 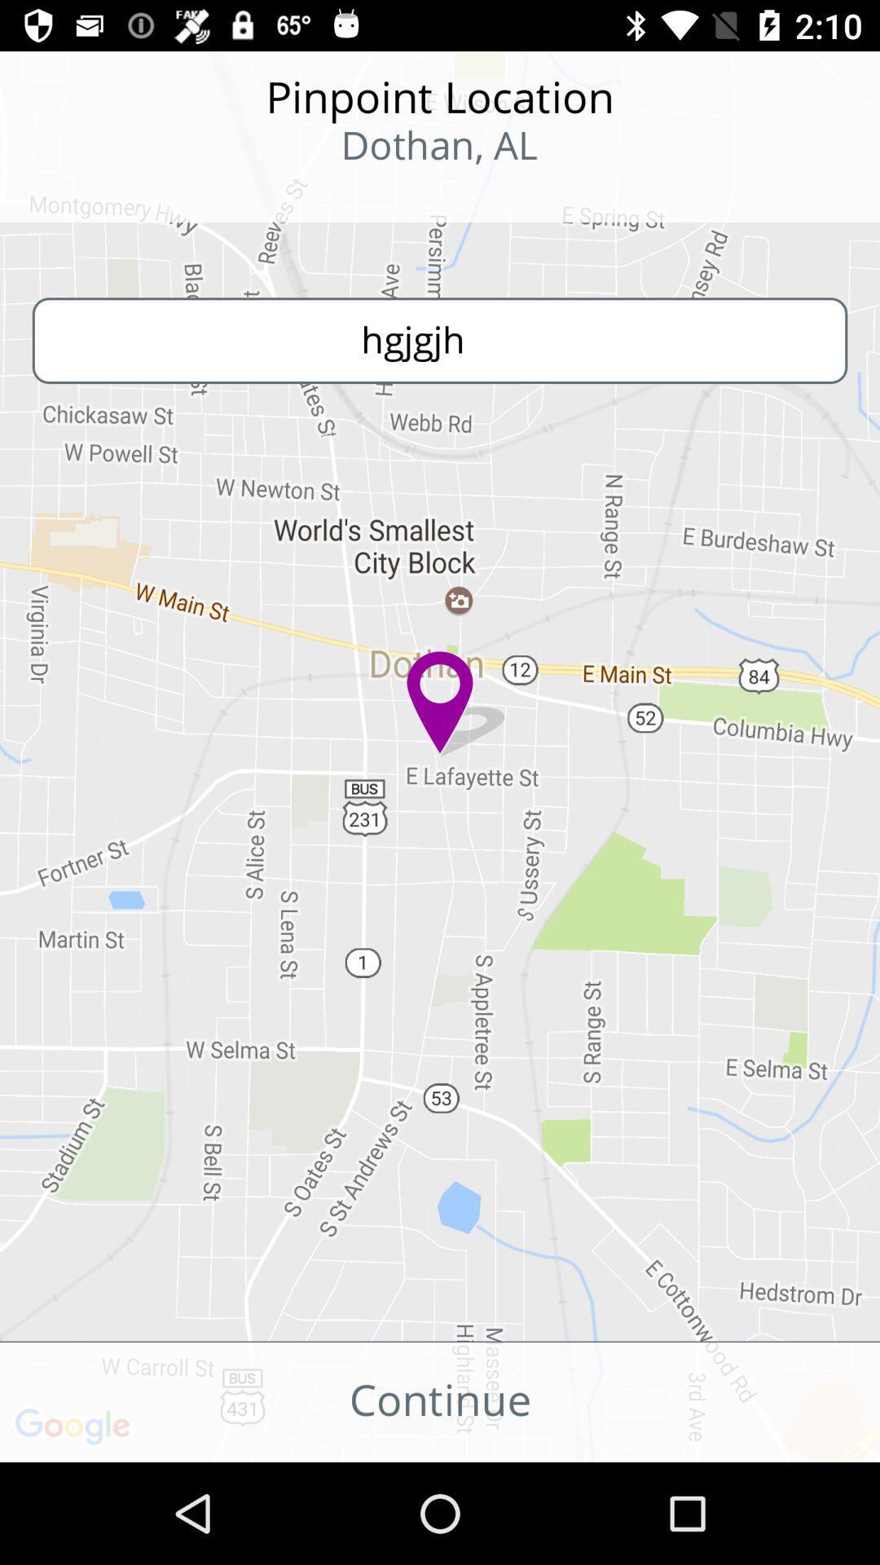 I want to click on the text hgjgjh, so click(x=440, y=339).